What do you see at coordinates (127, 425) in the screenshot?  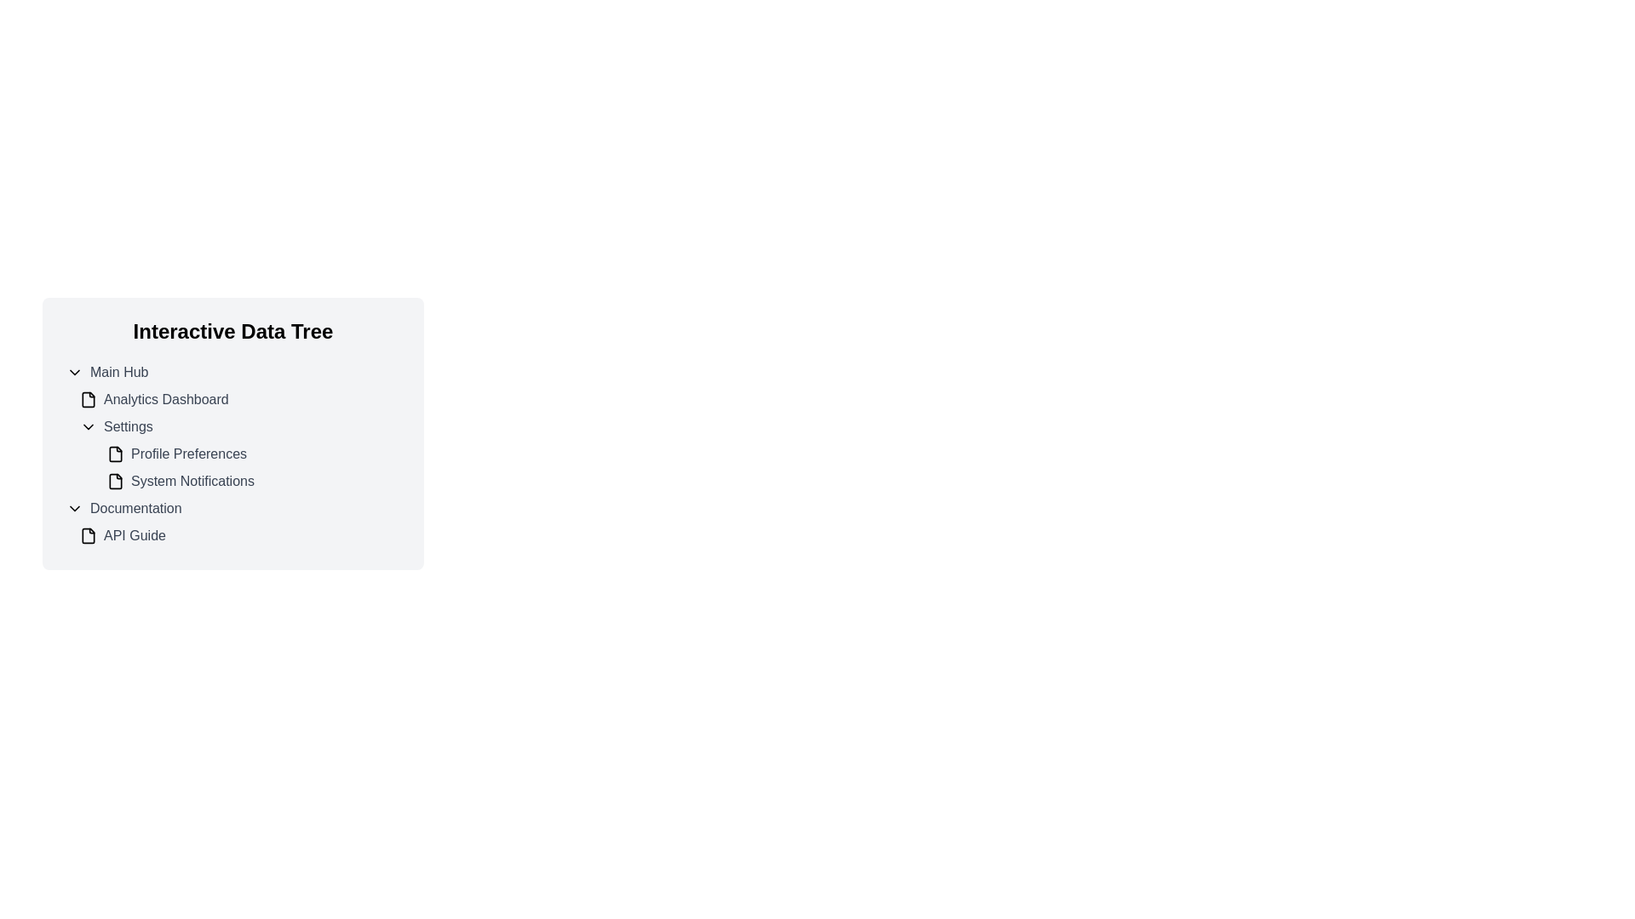 I see `the 'Settings' label, which is a medium-weight gray text element positioned below 'Analytics Dashboard' and above 'Profile Preferences' in the vertical navigation grouping` at bounding box center [127, 425].